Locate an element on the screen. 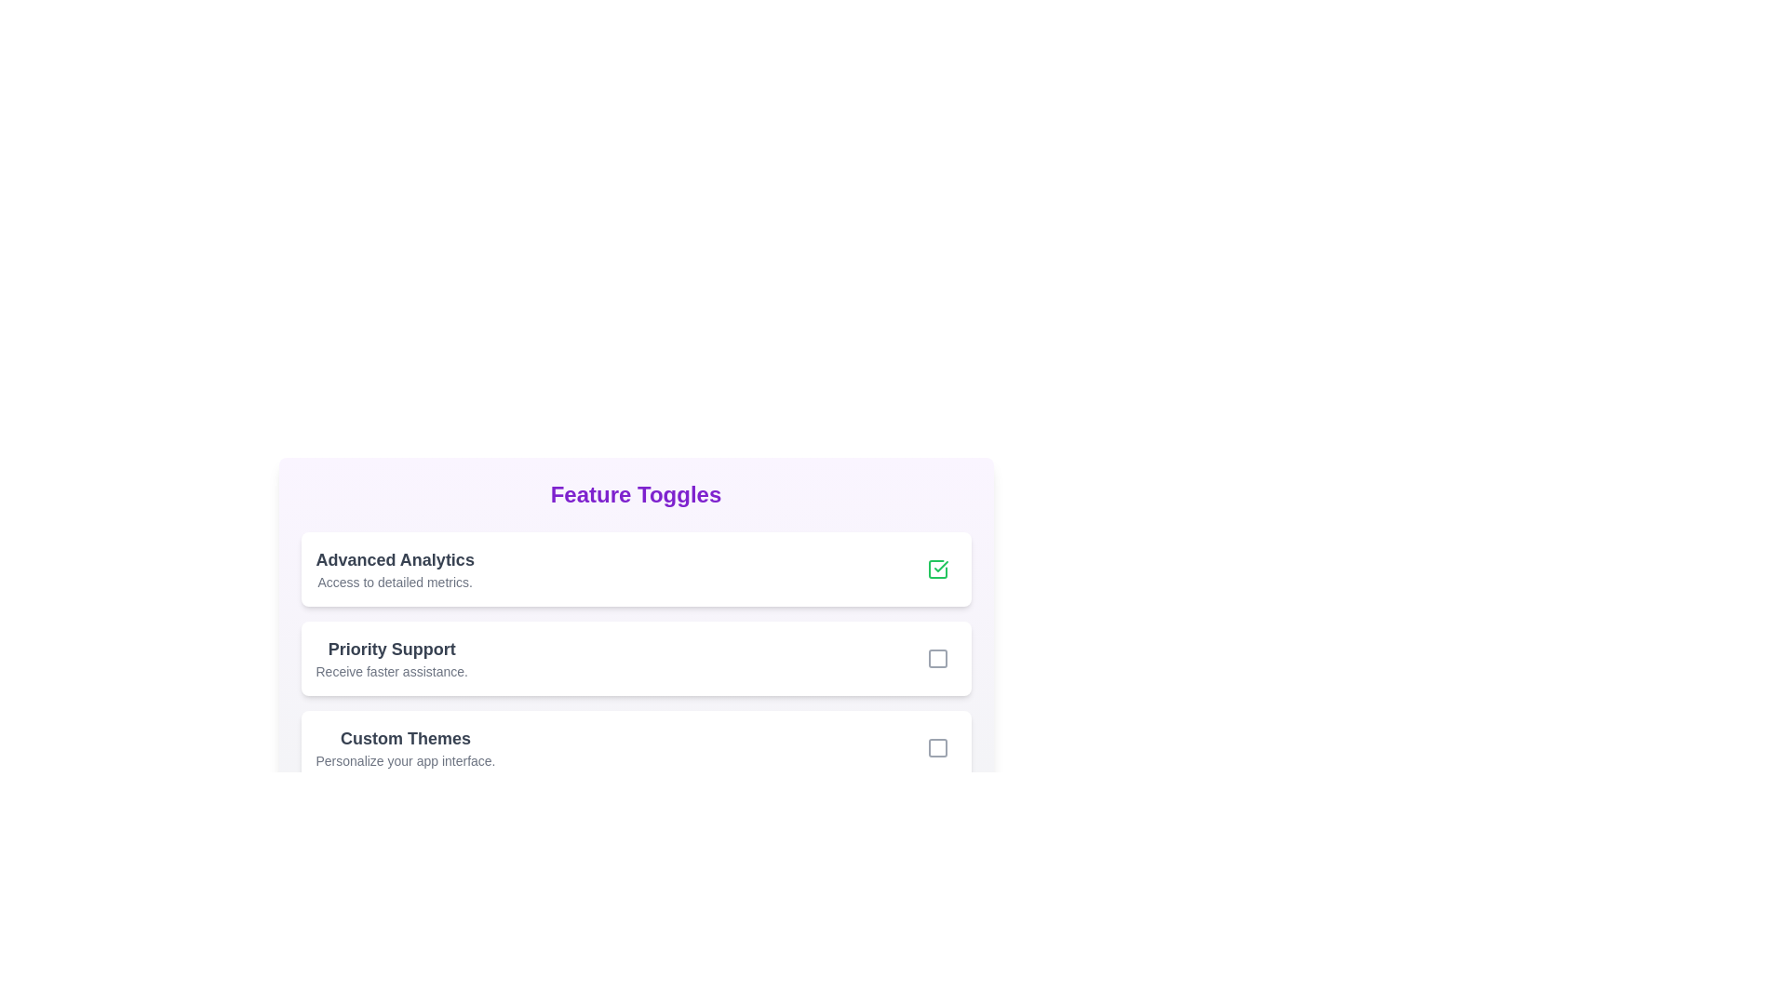  the interactive button for 'Custom Themes' located on the far right side of the section, adjacent to 'Personalize your app interface.' is located at coordinates (937, 746).